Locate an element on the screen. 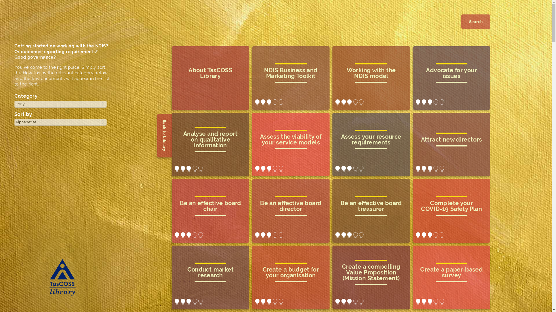 Image resolution: width=556 pixels, height=312 pixels. 'analyse and report on qualitative information' is located at coordinates (210, 144).